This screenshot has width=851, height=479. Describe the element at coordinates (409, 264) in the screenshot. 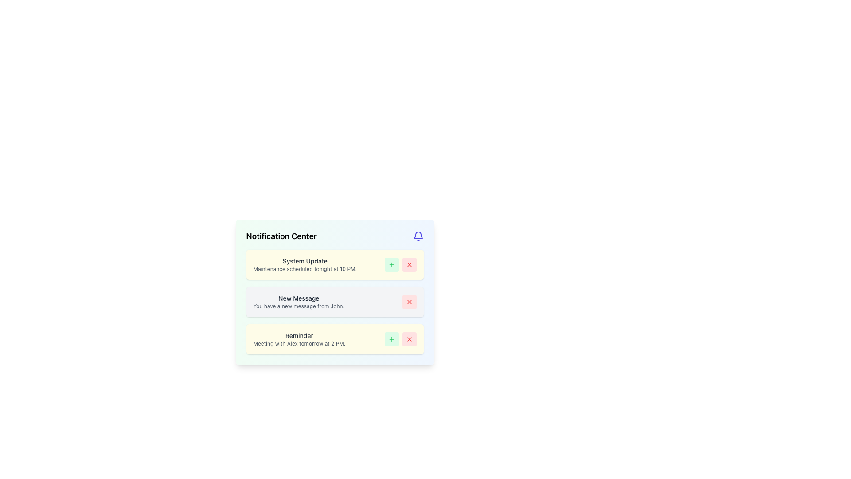

I see `the close button located to the right of the 'System Update' notification to potentially reveal a tooltip or effect` at that location.